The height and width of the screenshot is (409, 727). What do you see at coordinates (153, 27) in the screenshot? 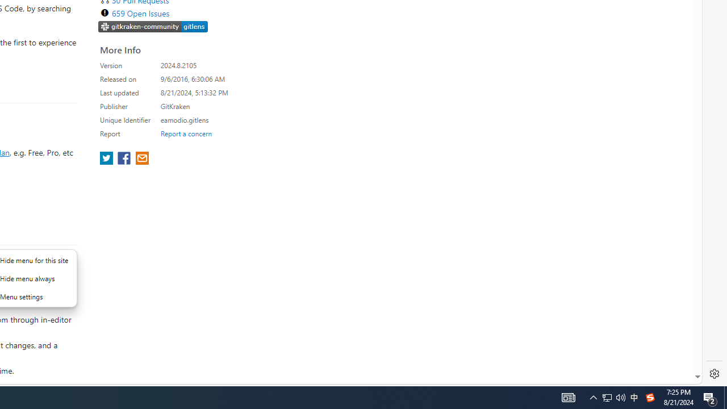
I see `'https://slack.gitkraken.com//'` at bounding box center [153, 27].